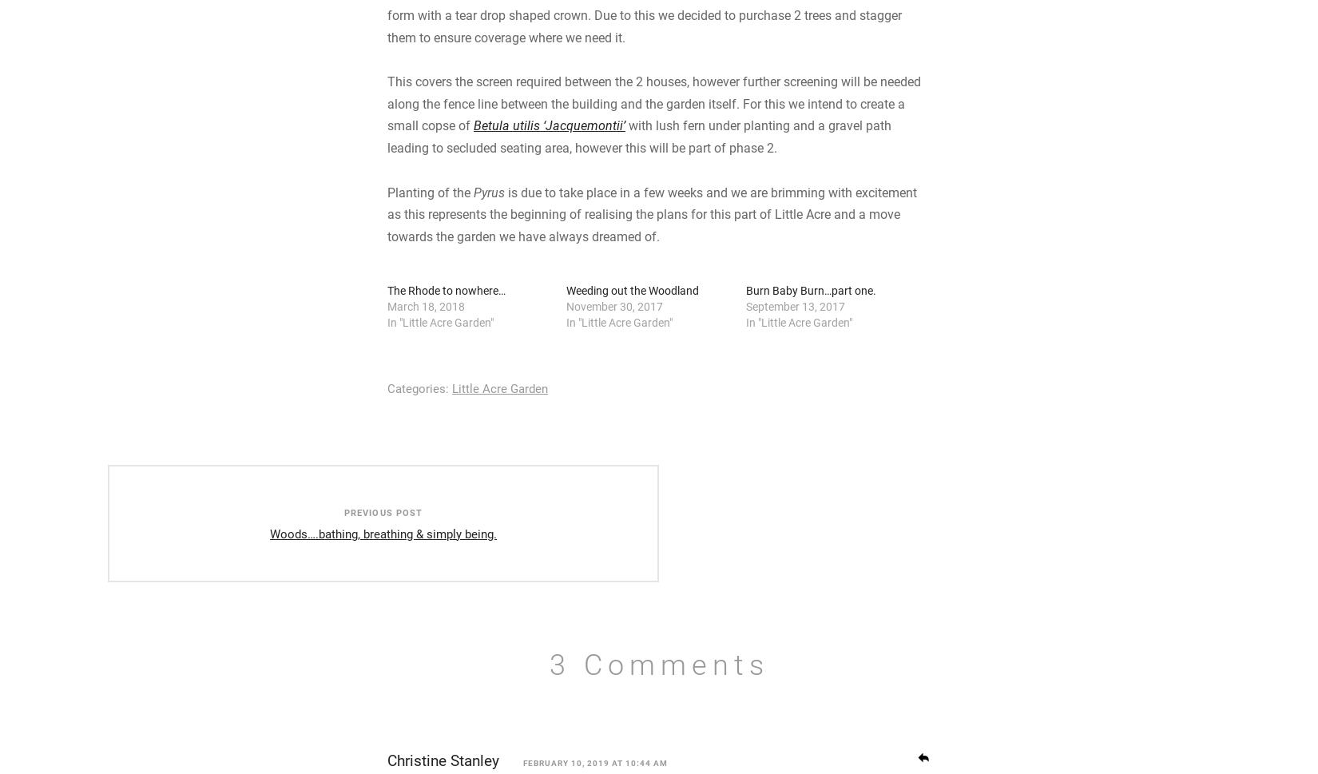 Image resolution: width=1318 pixels, height=774 pixels. I want to click on 'Pyrus calleryana ‘Chanticleer’', so click(386, 46).